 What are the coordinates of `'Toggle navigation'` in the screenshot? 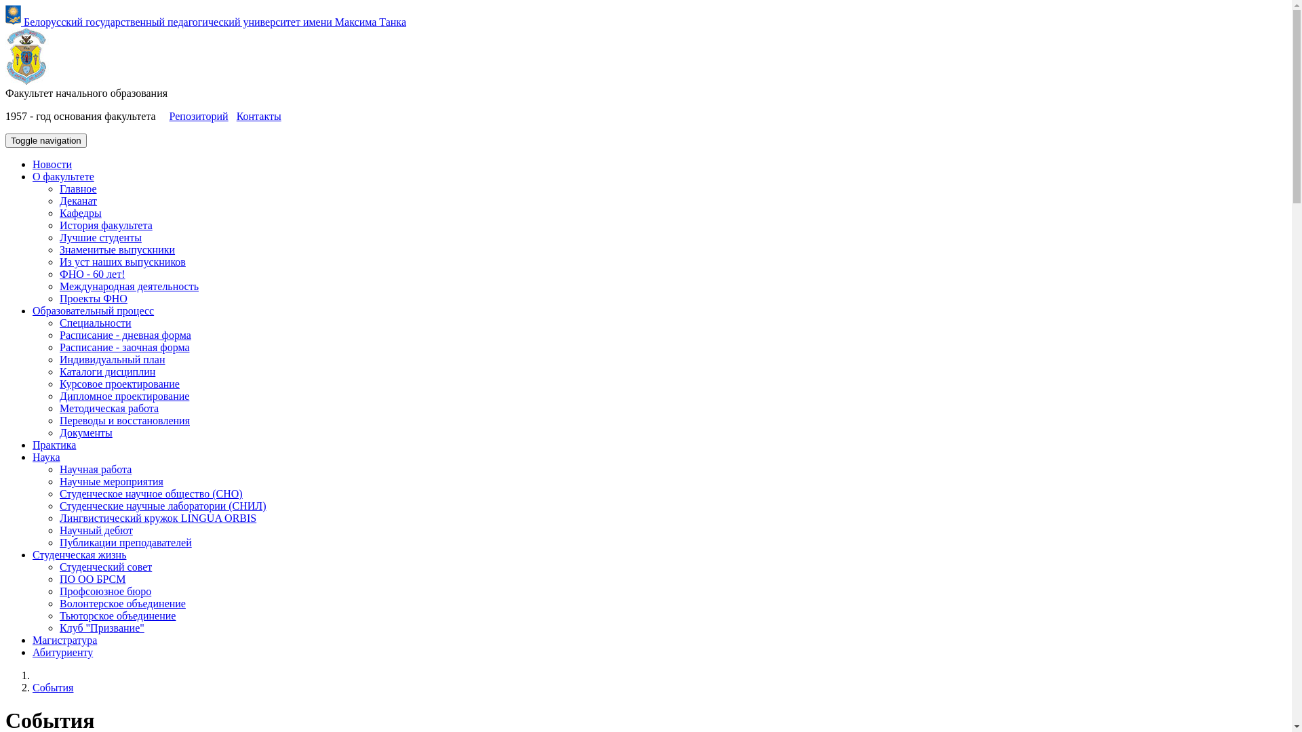 It's located at (45, 140).